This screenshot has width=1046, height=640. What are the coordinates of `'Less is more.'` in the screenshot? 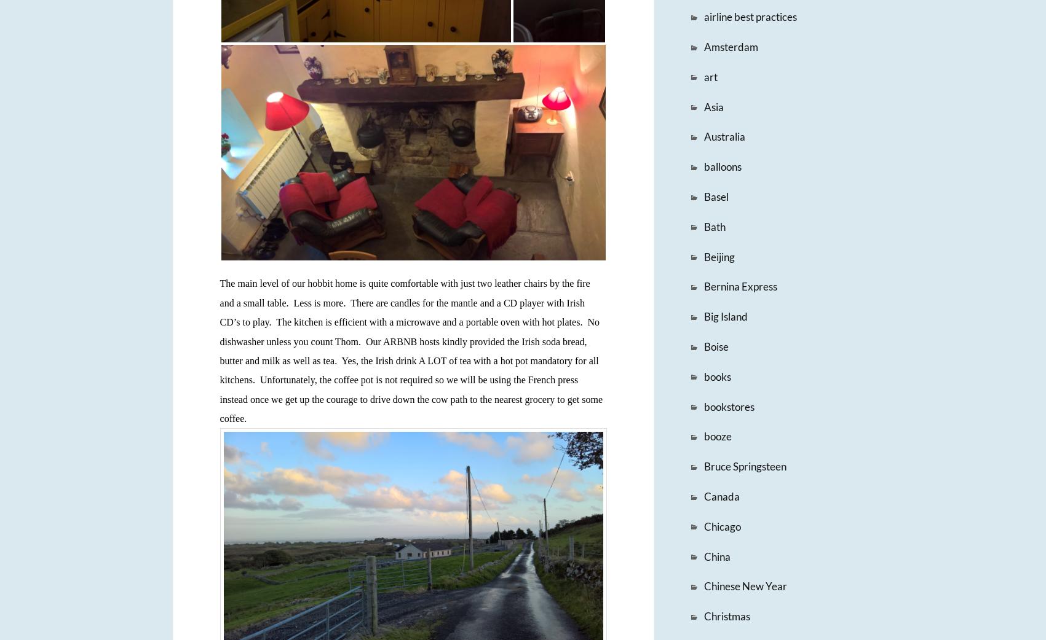 It's located at (319, 302).